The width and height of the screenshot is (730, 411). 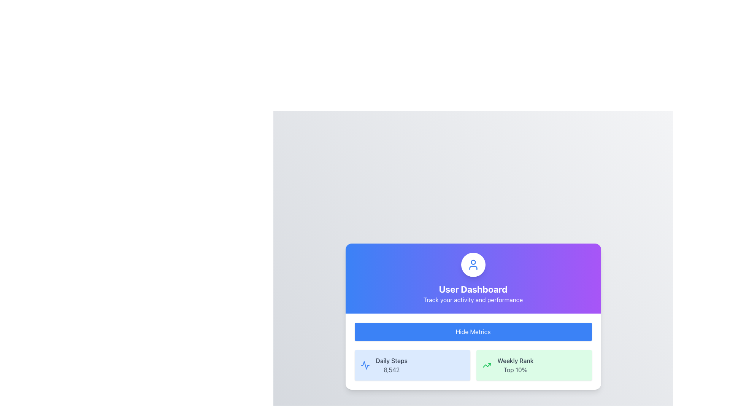 I want to click on the SVG icon shaped like a zigzagging line resembling a heartbeat or activity graph, located within the 'Daily Steps' card, positioned on the left side of the lower section of the interface, so click(x=365, y=365).